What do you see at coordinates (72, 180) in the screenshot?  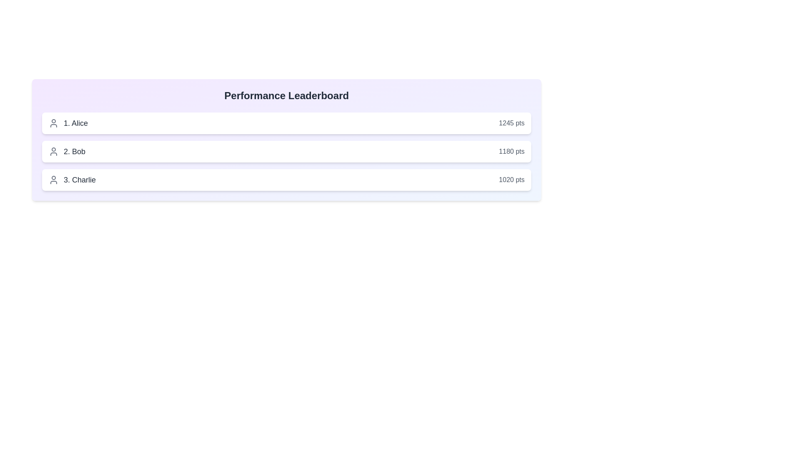 I see `the user's name Charlie` at bounding box center [72, 180].